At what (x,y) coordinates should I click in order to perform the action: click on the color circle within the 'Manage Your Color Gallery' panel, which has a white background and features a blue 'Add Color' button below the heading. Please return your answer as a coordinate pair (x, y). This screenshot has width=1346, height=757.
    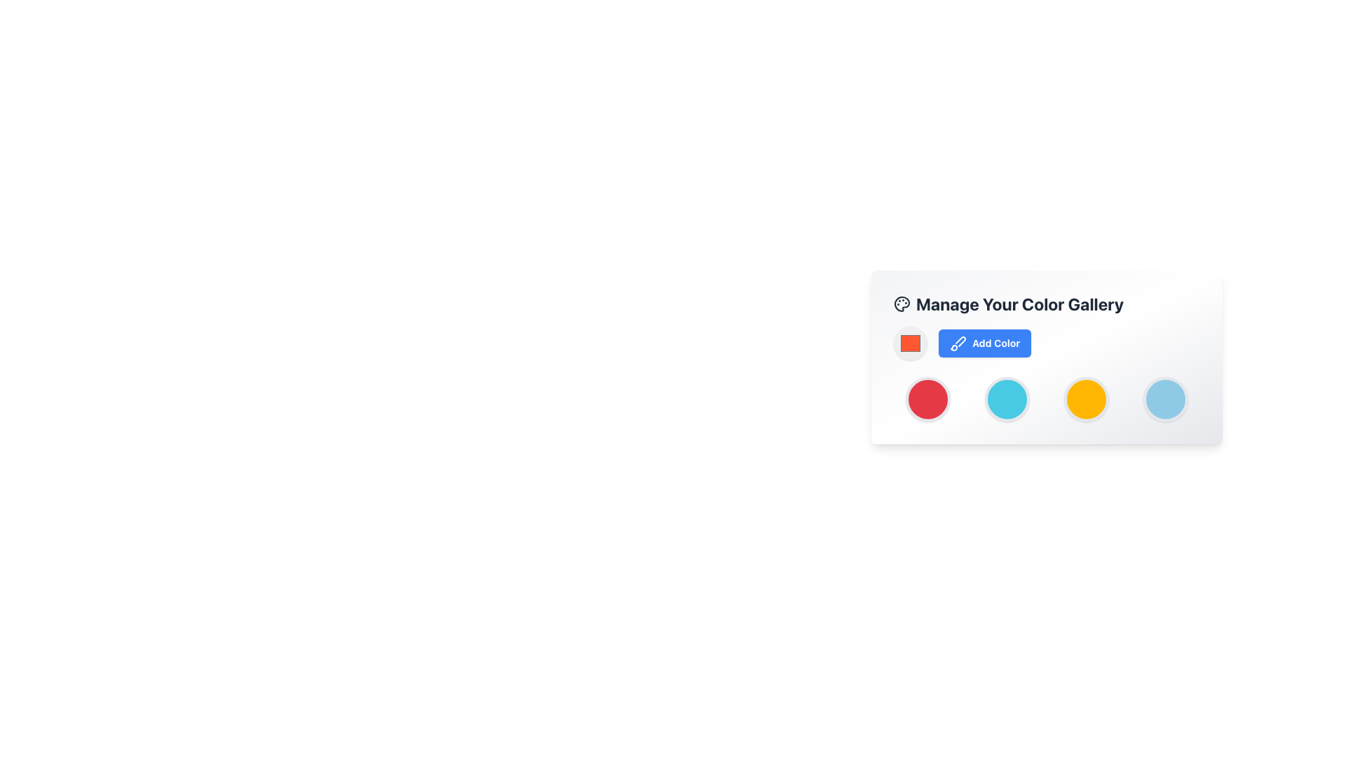
    Looking at the image, I should click on (1047, 428).